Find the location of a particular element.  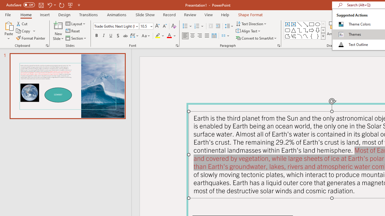

'Increase Font Size' is located at coordinates (157, 26).